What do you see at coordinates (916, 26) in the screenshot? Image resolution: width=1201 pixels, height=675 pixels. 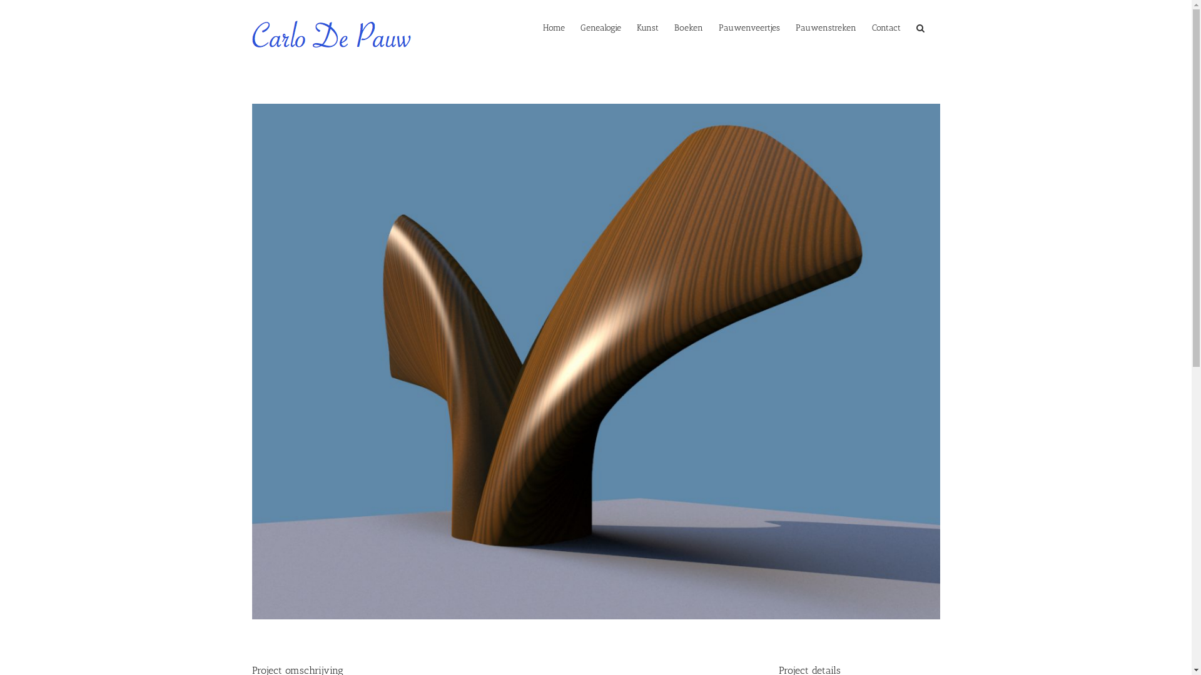 I see `'Zoeken'` at bounding box center [916, 26].